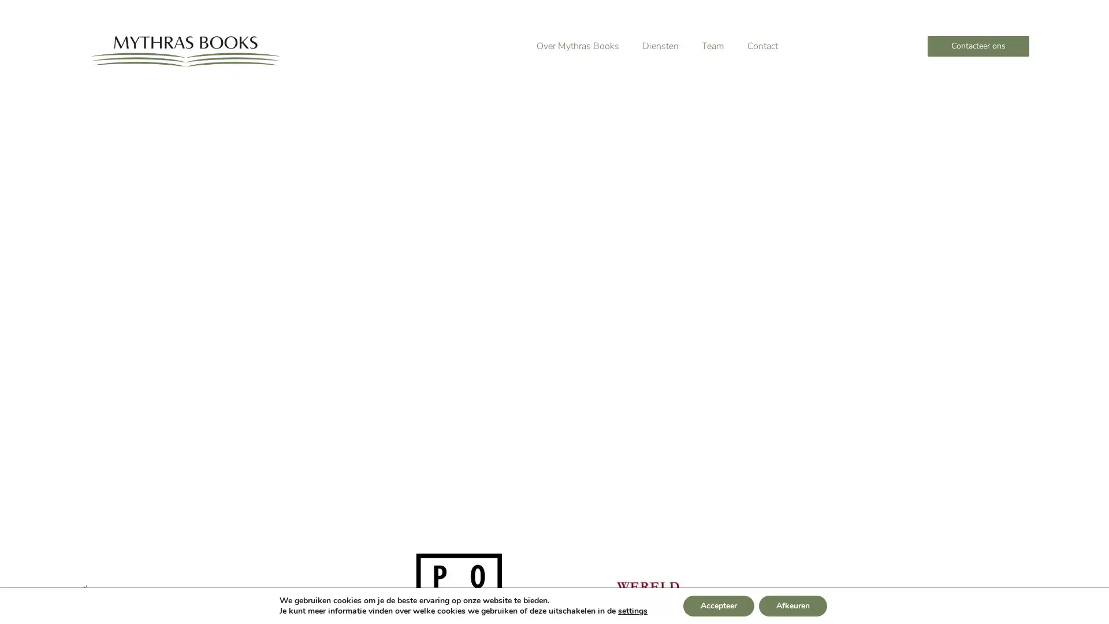 This screenshot has width=1109, height=624. Describe the element at coordinates (977, 46) in the screenshot. I see `Contacteer ons` at that location.